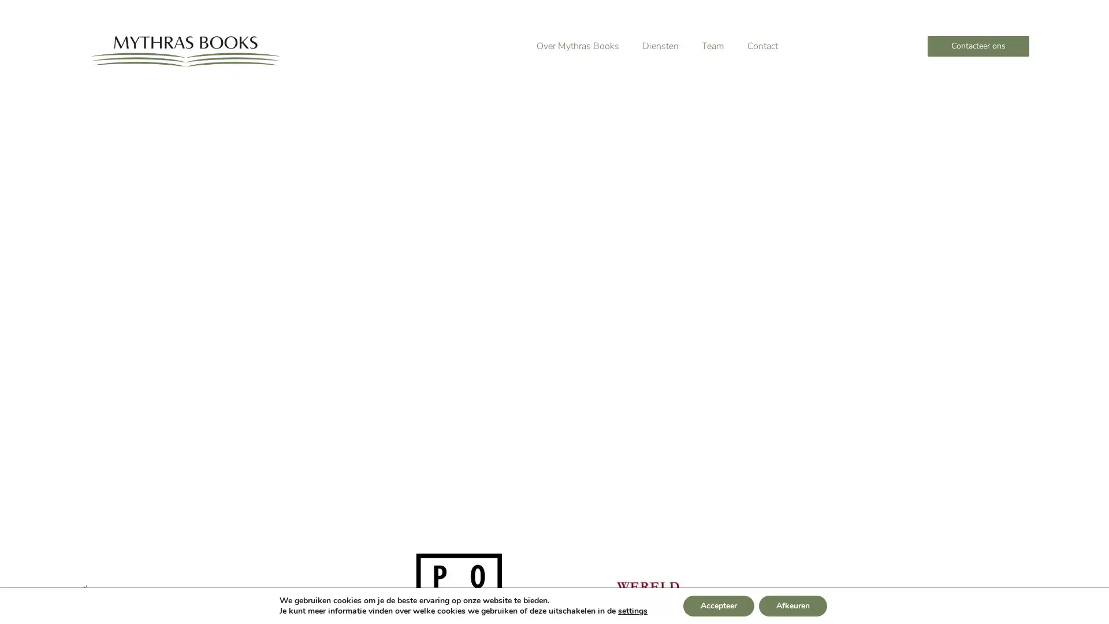 This screenshot has width=1109, height=624. Describe the element at coordinates (977, 46) in the screenshot. I see `Contacteer ons` at that location.